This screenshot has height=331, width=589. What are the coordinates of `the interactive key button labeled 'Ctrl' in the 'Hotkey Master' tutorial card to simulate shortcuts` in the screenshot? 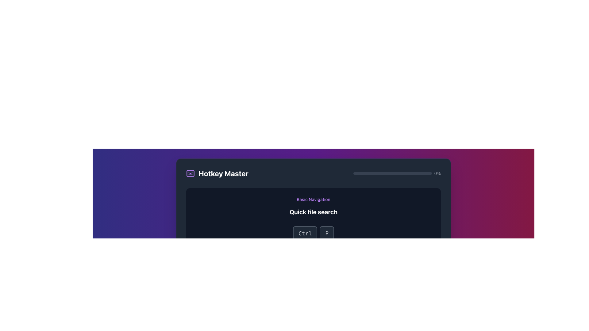 It's located at (314, 230).